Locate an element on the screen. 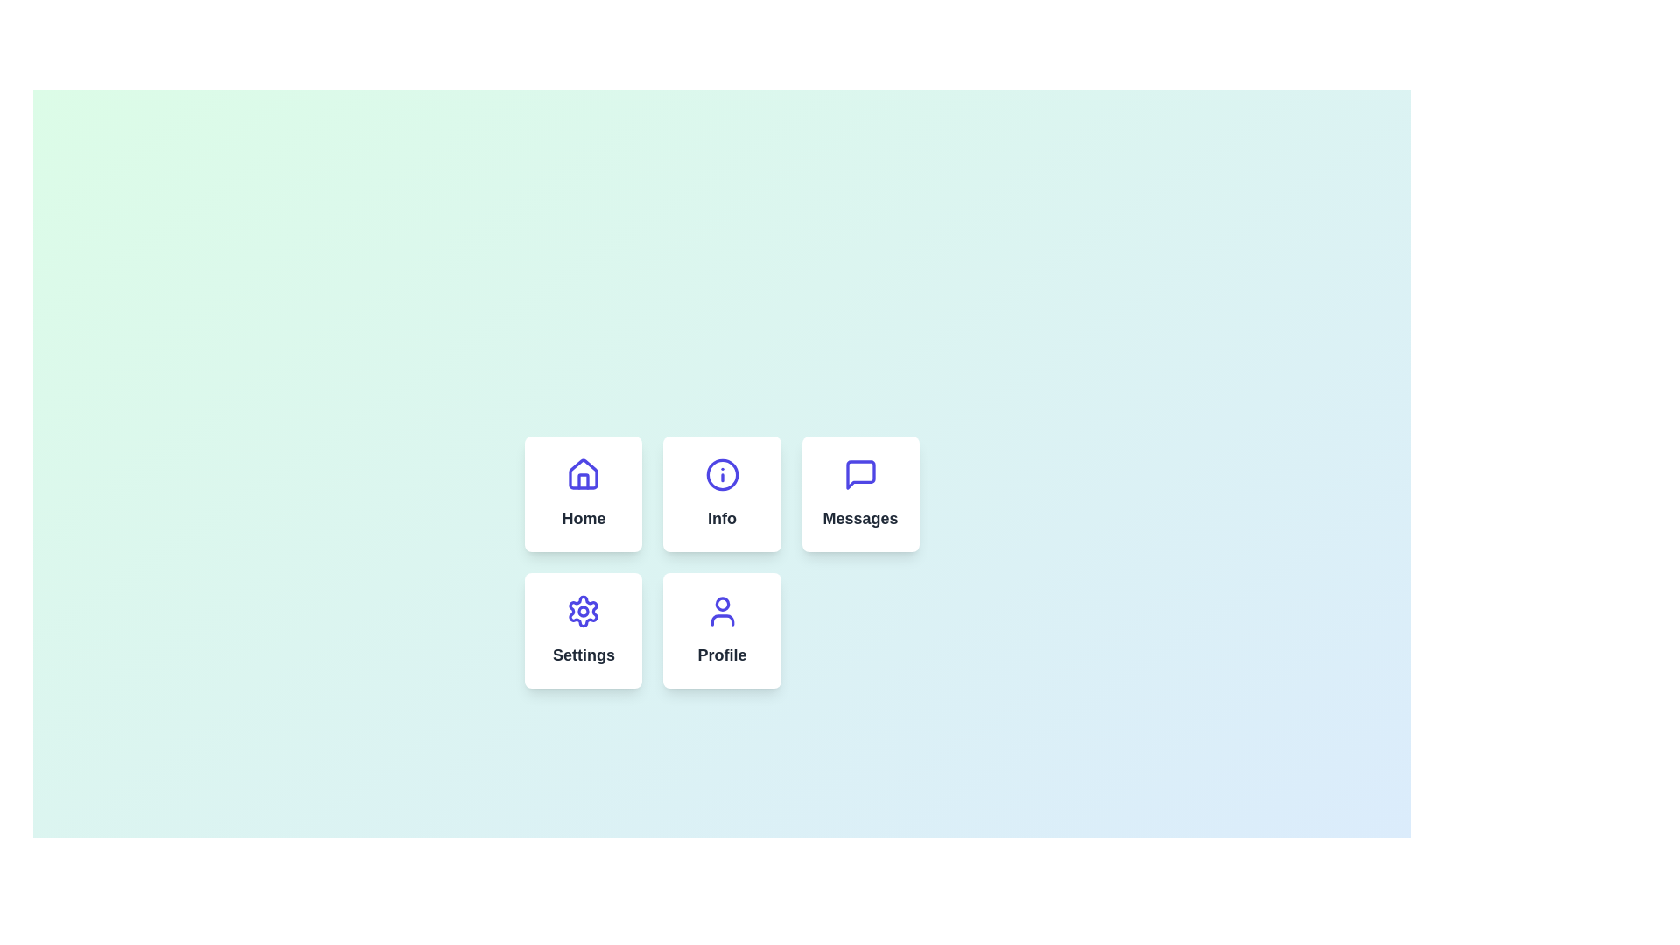 The width and height of the screenshot is (1680, 945). the blue house icon located in the first grid cell of a 2x3 layout, which features a solid design with a doorway is located at coordinates (584, 474).